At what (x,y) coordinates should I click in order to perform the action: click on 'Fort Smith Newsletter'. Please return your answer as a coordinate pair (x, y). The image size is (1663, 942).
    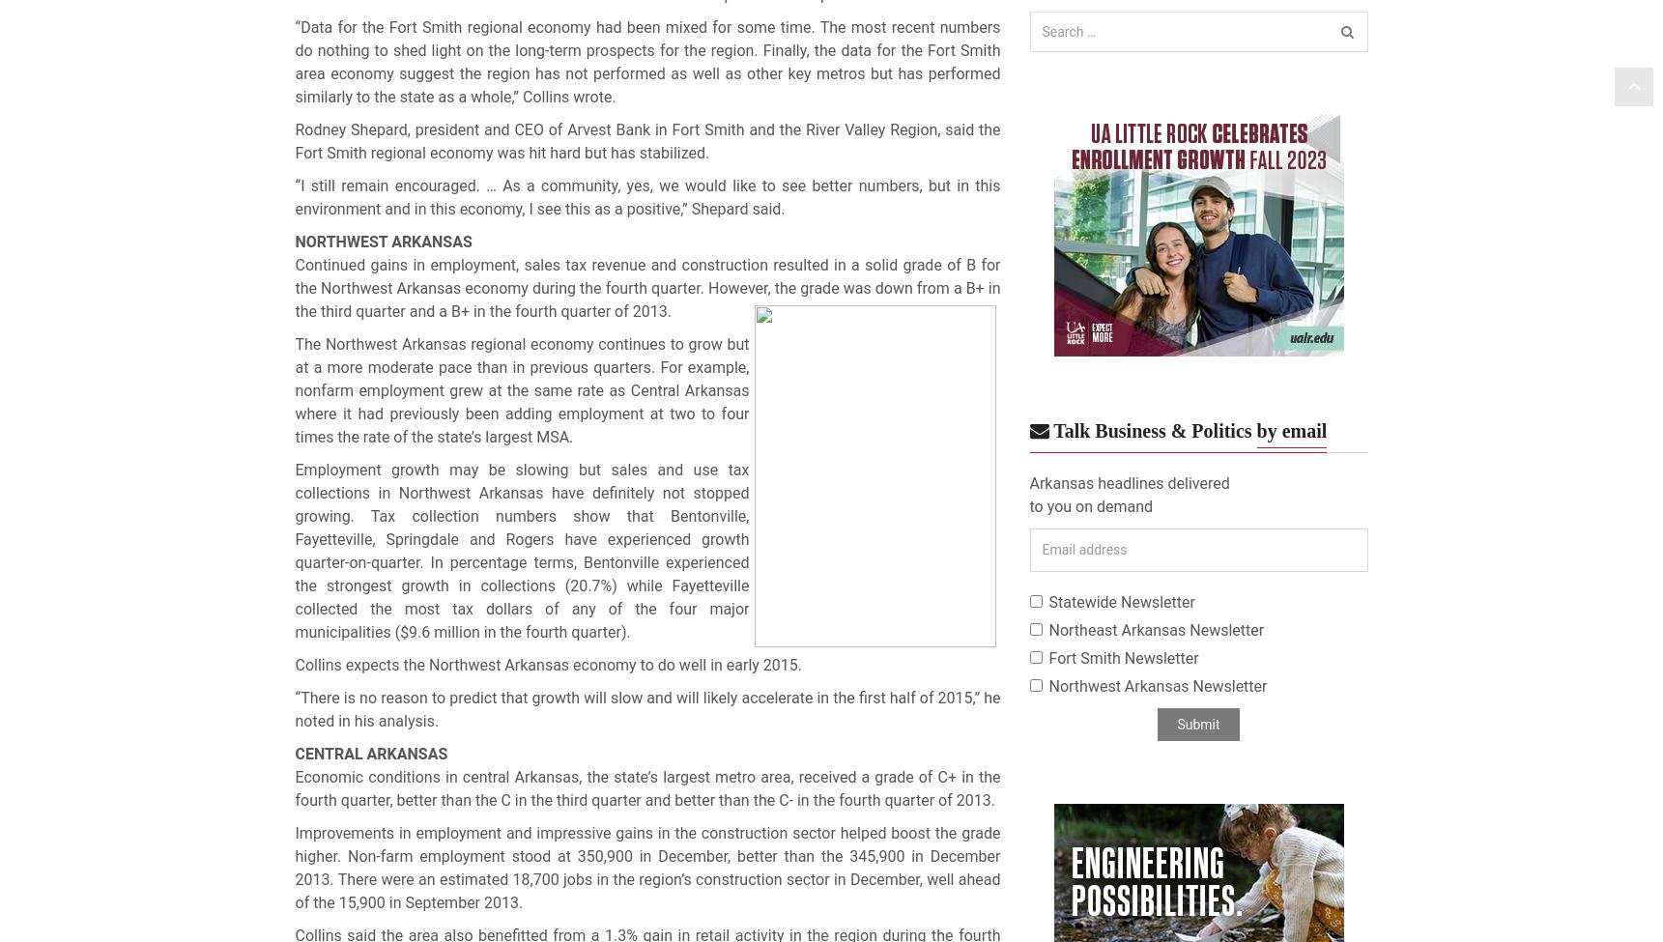
    Looking at the image, I should click on (1123, 657).